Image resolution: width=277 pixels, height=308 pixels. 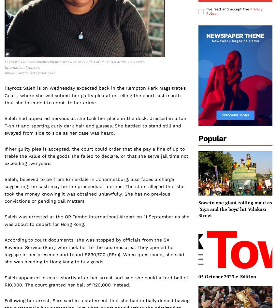 What do you see at coordinates (198, 208) in the screenshot?
I see `'Soweto one giant rolling maul as ‘Siya and the boys’ hit Vilakazi Street'` at bounding box center [198, 208].